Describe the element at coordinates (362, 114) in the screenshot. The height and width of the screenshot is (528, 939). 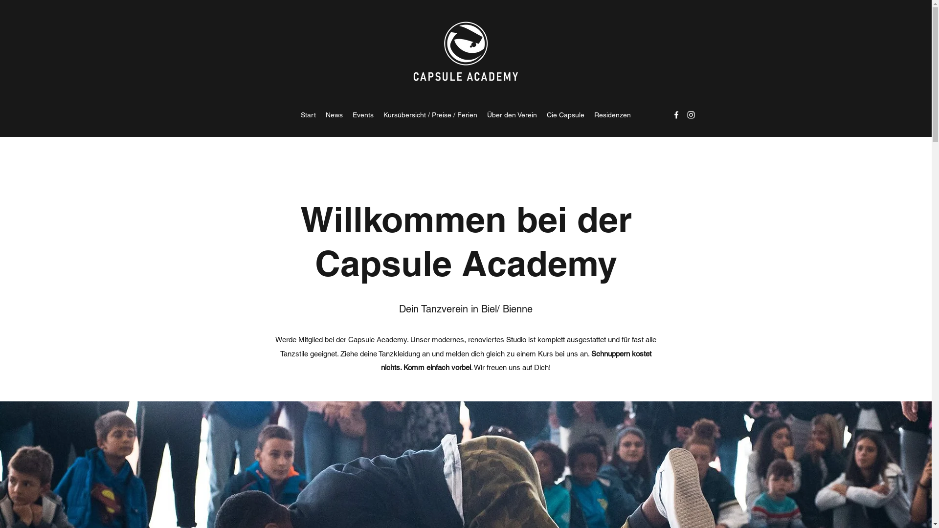
I see `'Events'` at that location.